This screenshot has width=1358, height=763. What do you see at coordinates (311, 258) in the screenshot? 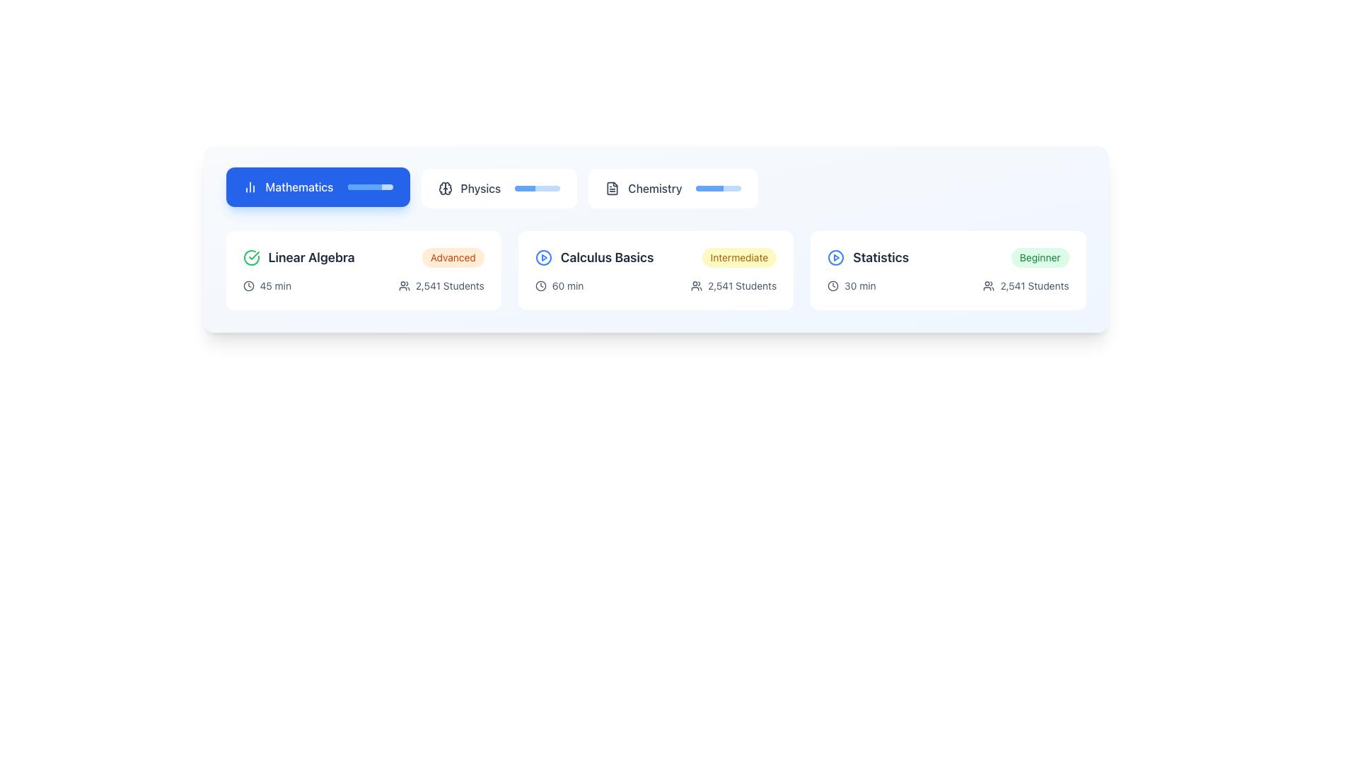
I see `the course title heading within the Mathematics card` at bounding box center [311, 258].